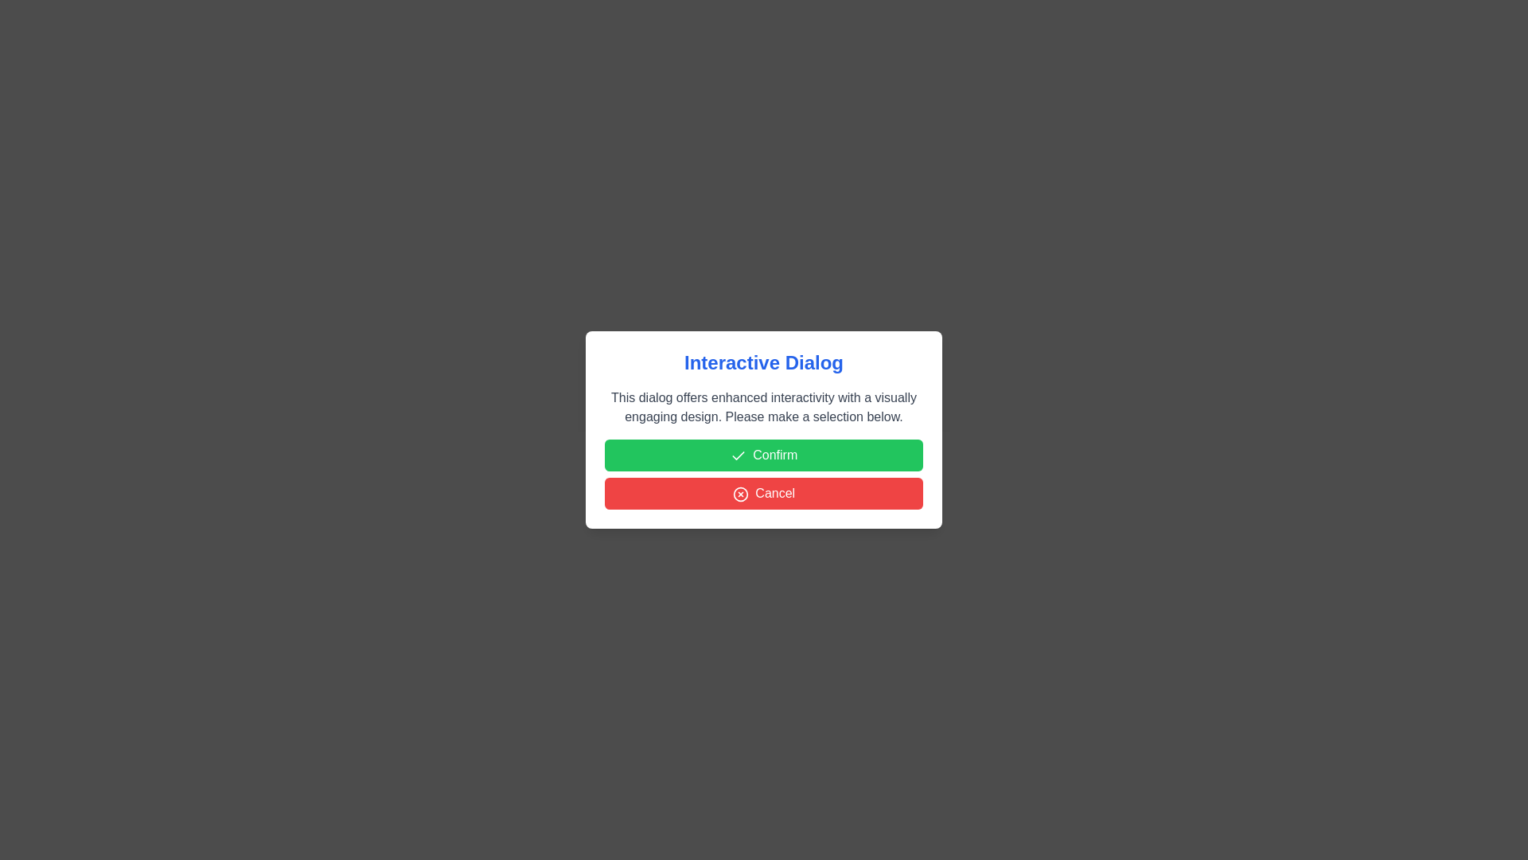 The width and height of the screenshot is (1528, 860). What do you see at coordinates (764, 455) in the screenshot?
I see `'Confirm' button to confirm the action` at bounding box center [764, 455].